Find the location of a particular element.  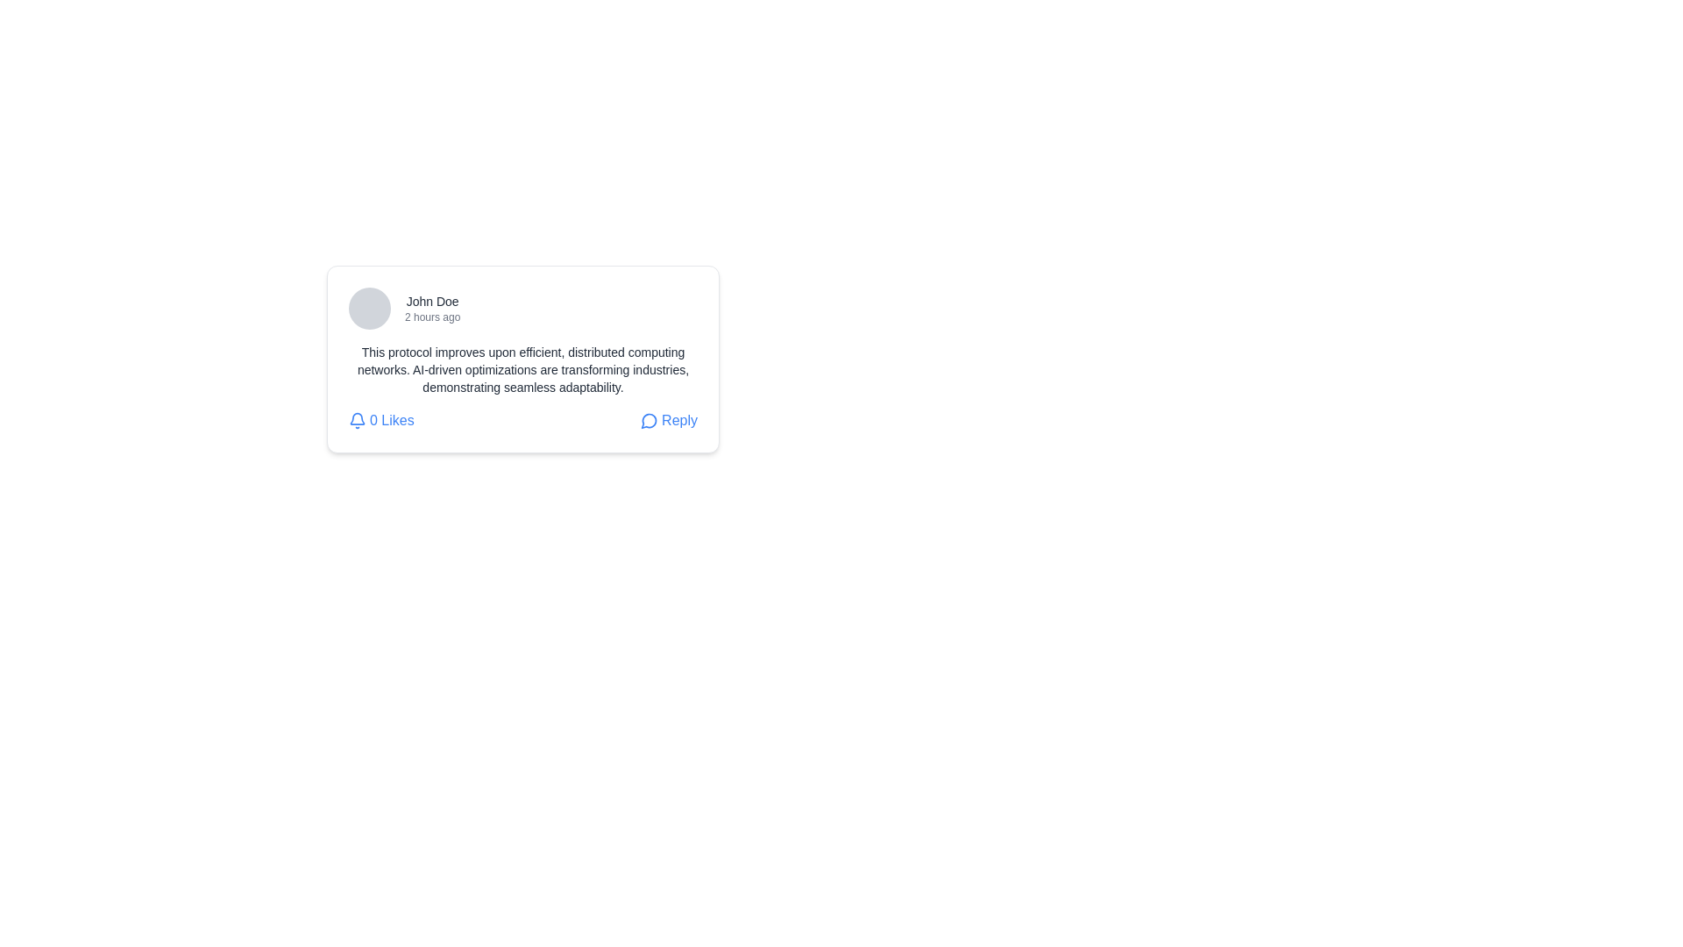

the reply icon located to the left of the 'Reply' text in the button group at the bottom-right of the comment box is located at coordinates (649, 420).